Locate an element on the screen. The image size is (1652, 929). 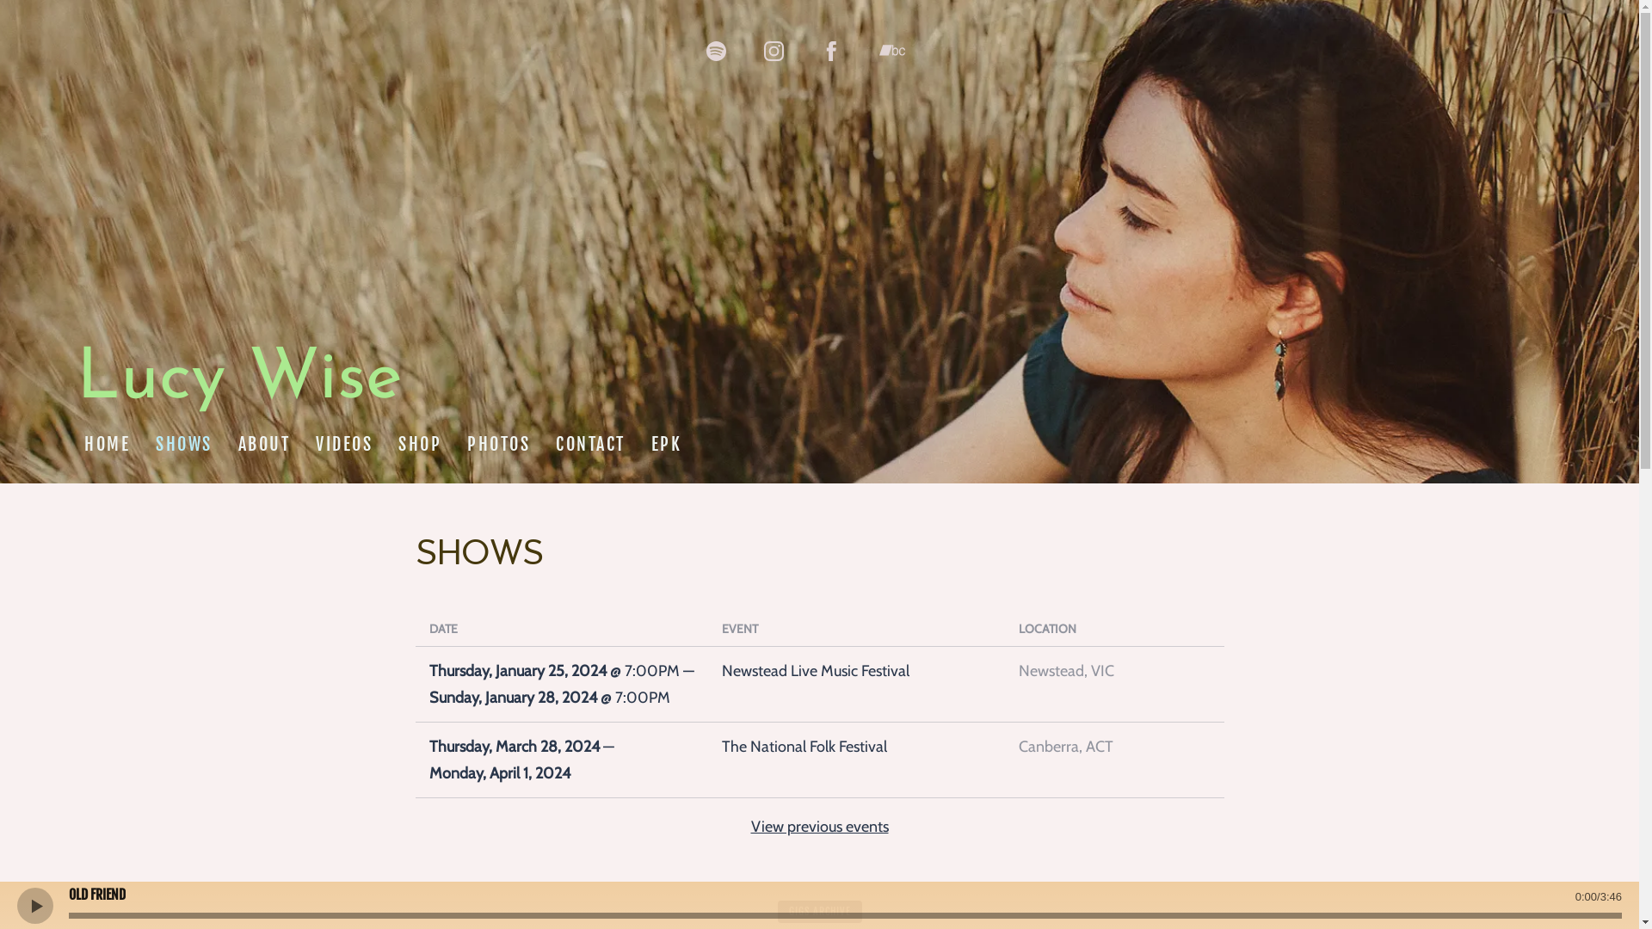
'The National Folk Festival' is located at coordinates (855, 746).